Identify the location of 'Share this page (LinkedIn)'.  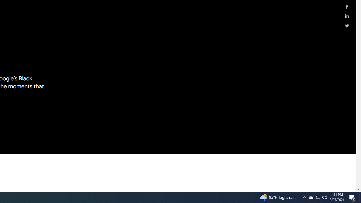
(347, 16).